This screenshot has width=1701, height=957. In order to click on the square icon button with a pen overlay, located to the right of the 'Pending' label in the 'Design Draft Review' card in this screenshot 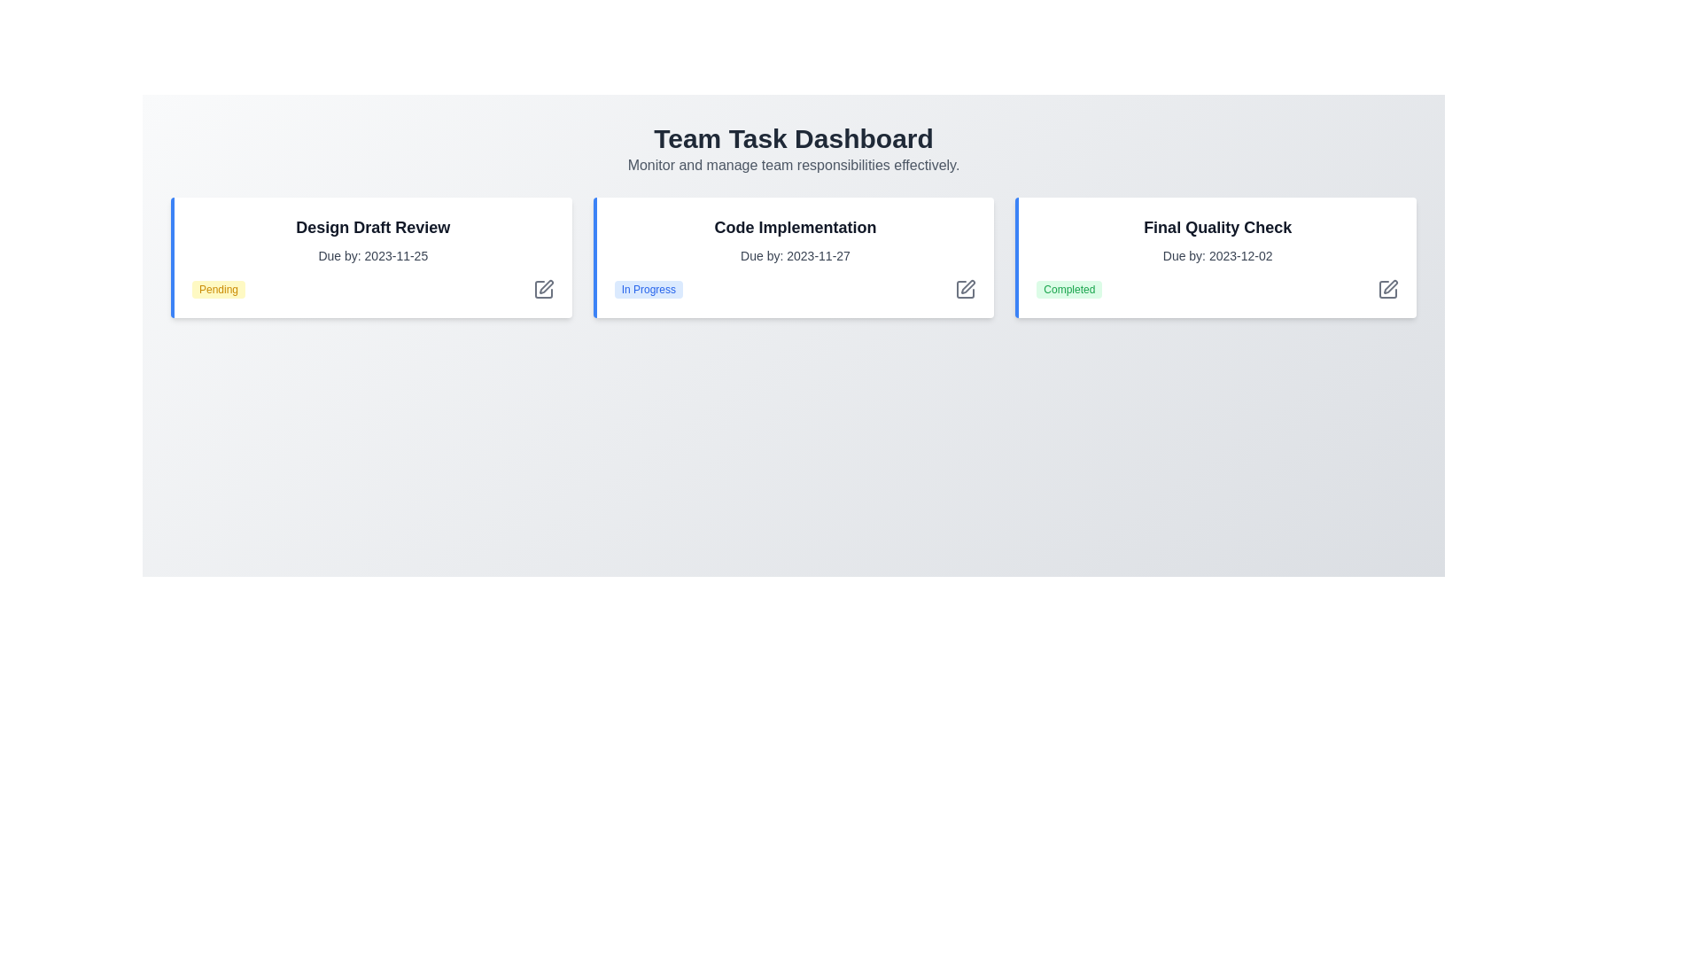, I will do `click(542, 289)`.